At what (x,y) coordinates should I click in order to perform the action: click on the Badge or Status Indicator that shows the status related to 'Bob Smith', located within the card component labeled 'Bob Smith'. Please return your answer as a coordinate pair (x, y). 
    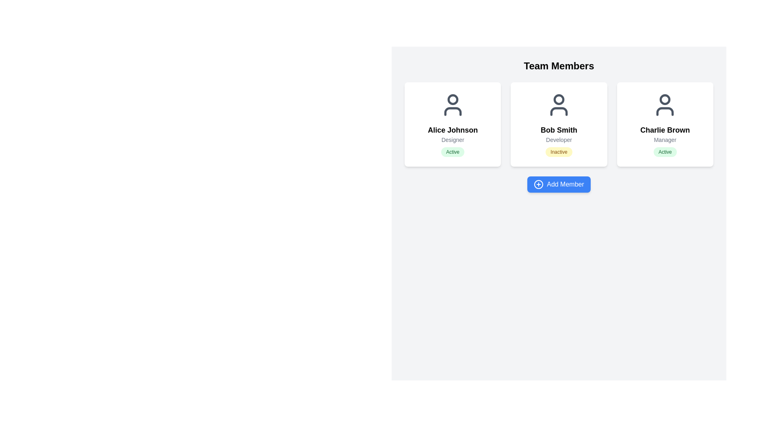
    Looking at the image, I should click on (559, 152).